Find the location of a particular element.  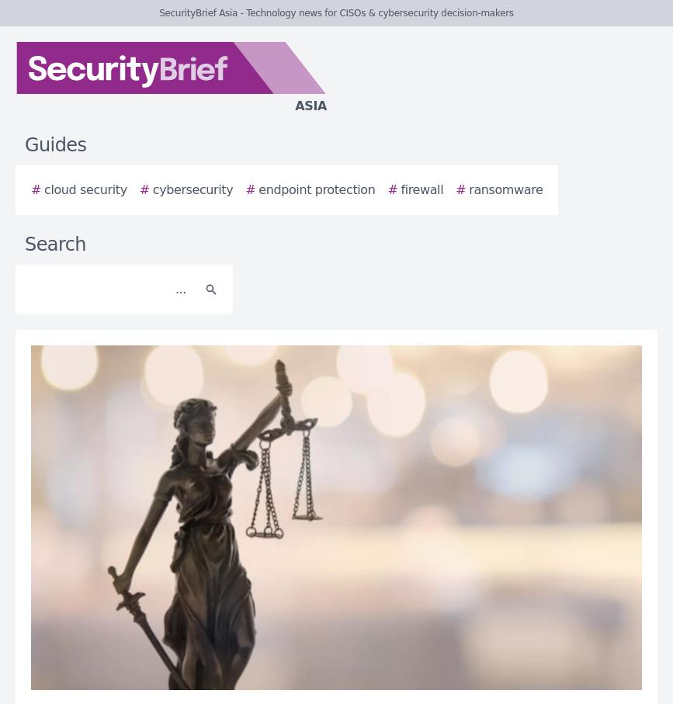

'ransomware' is located at coordinates (468, 189).